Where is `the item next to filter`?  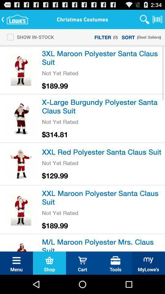
the item next to filter is located at coordinates (28, 37).